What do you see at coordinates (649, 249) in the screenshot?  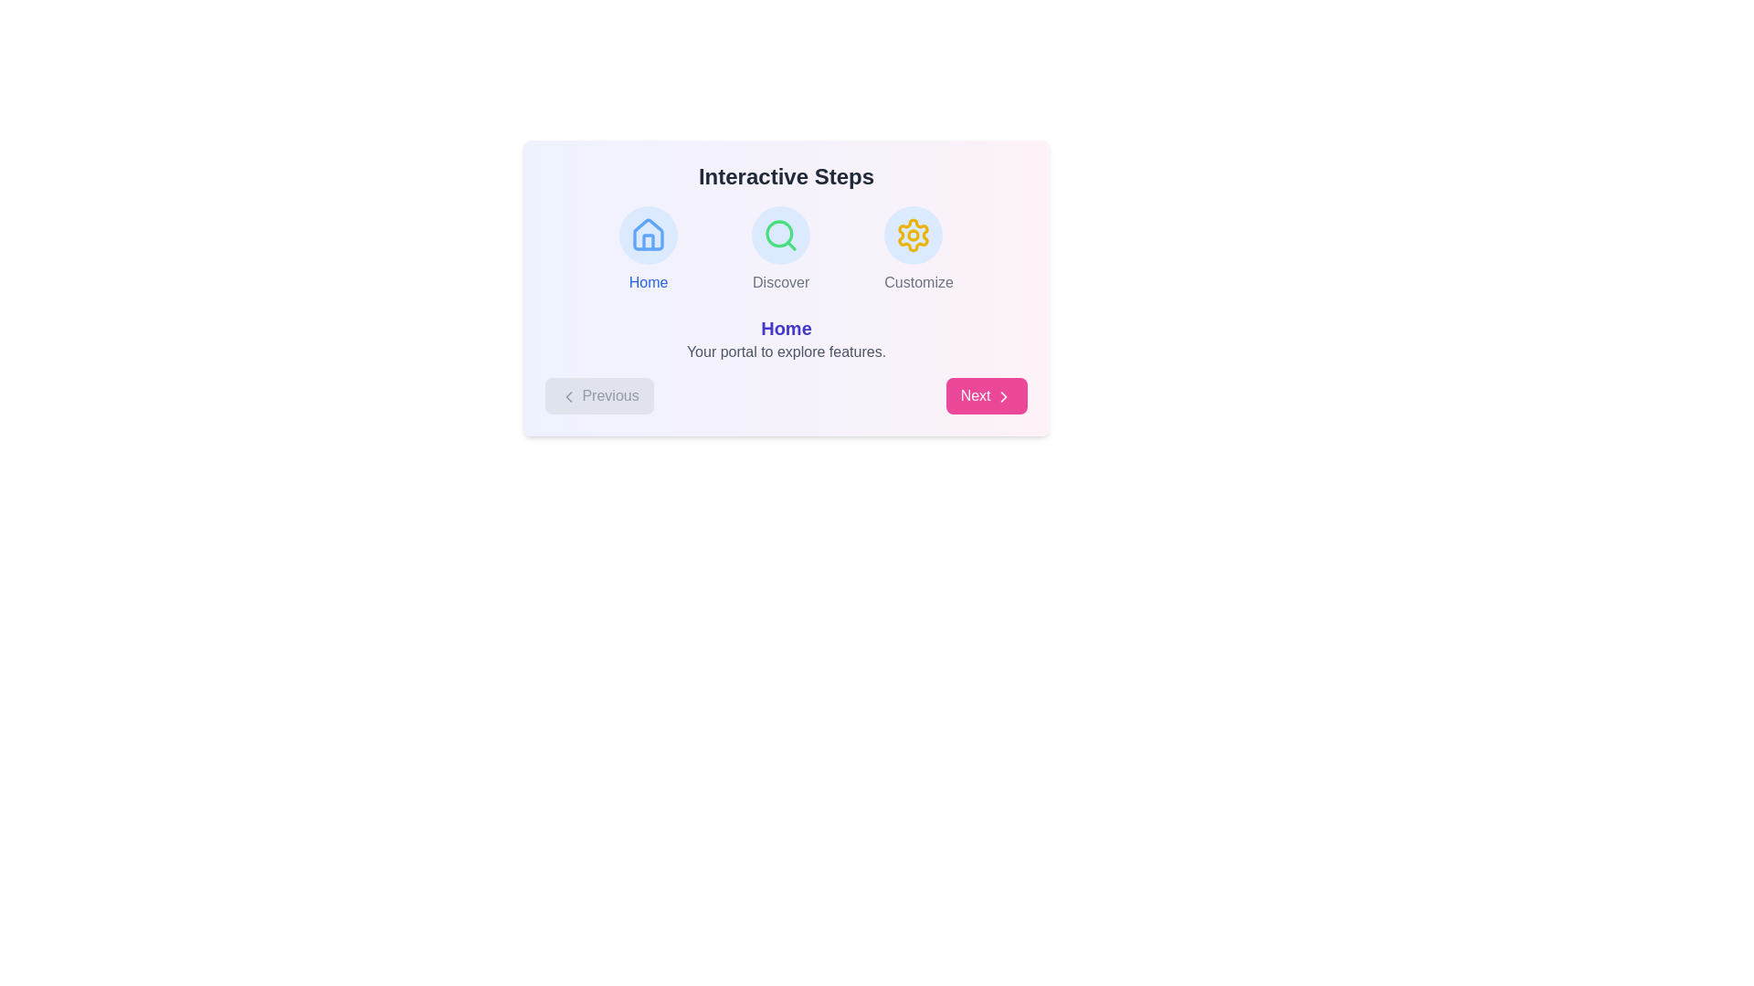 I see `the 'Home' icon with text label located in the top left section of a group of navigation icons` at bounding box center [649, 249].